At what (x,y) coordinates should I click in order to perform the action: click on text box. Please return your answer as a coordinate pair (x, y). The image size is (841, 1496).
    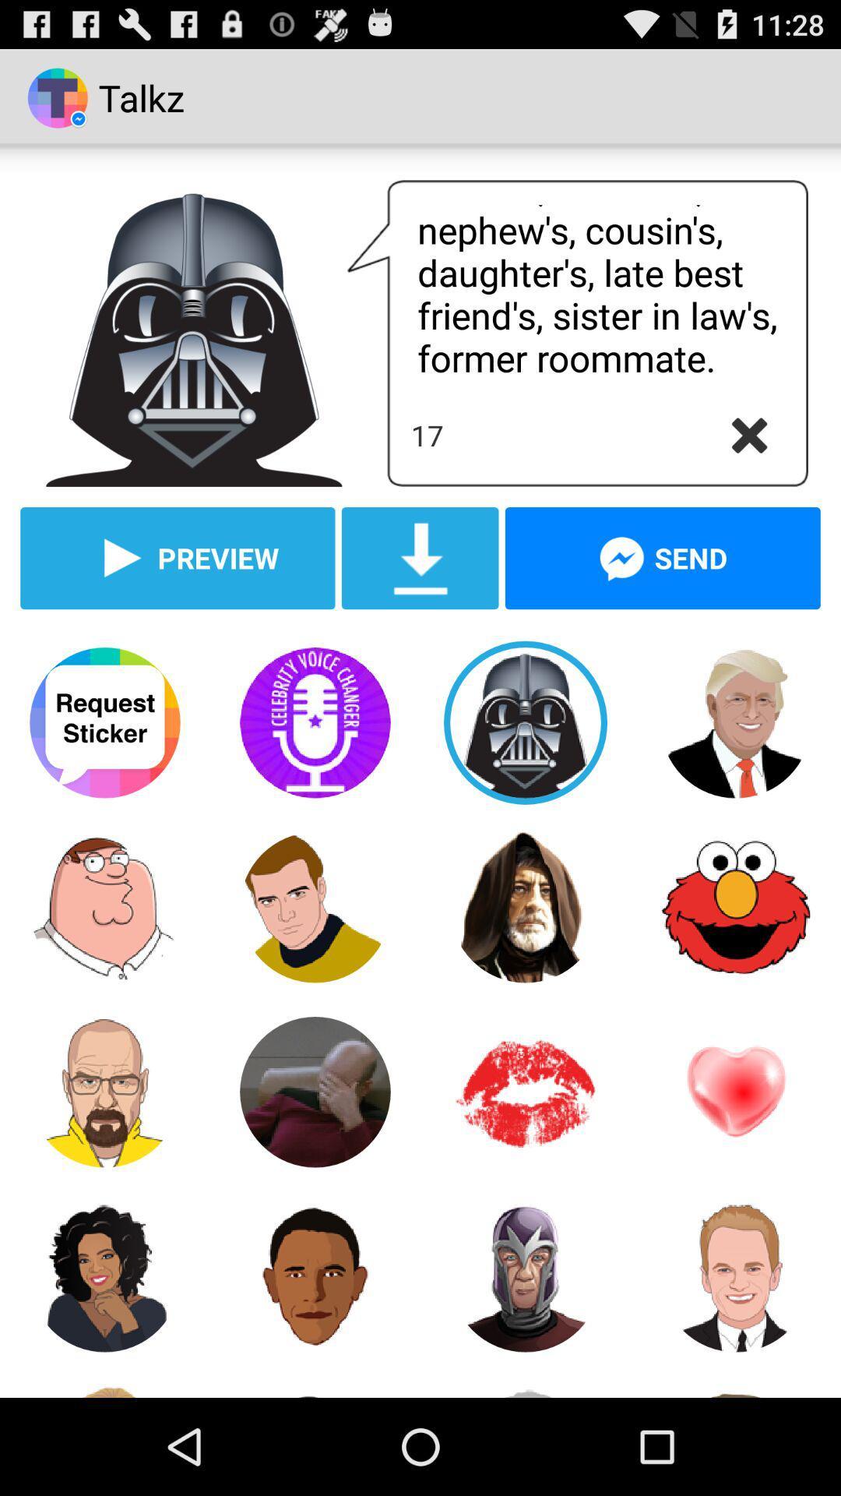
    Looking at the image, I should click on (748, 436).